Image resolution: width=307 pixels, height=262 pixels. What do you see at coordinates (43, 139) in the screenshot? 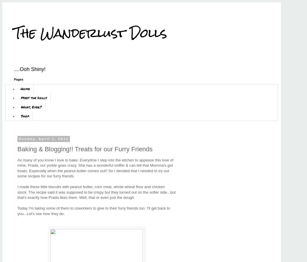
I see `'Sunday, April 1, 2012'` at bounding box center [43, 139].